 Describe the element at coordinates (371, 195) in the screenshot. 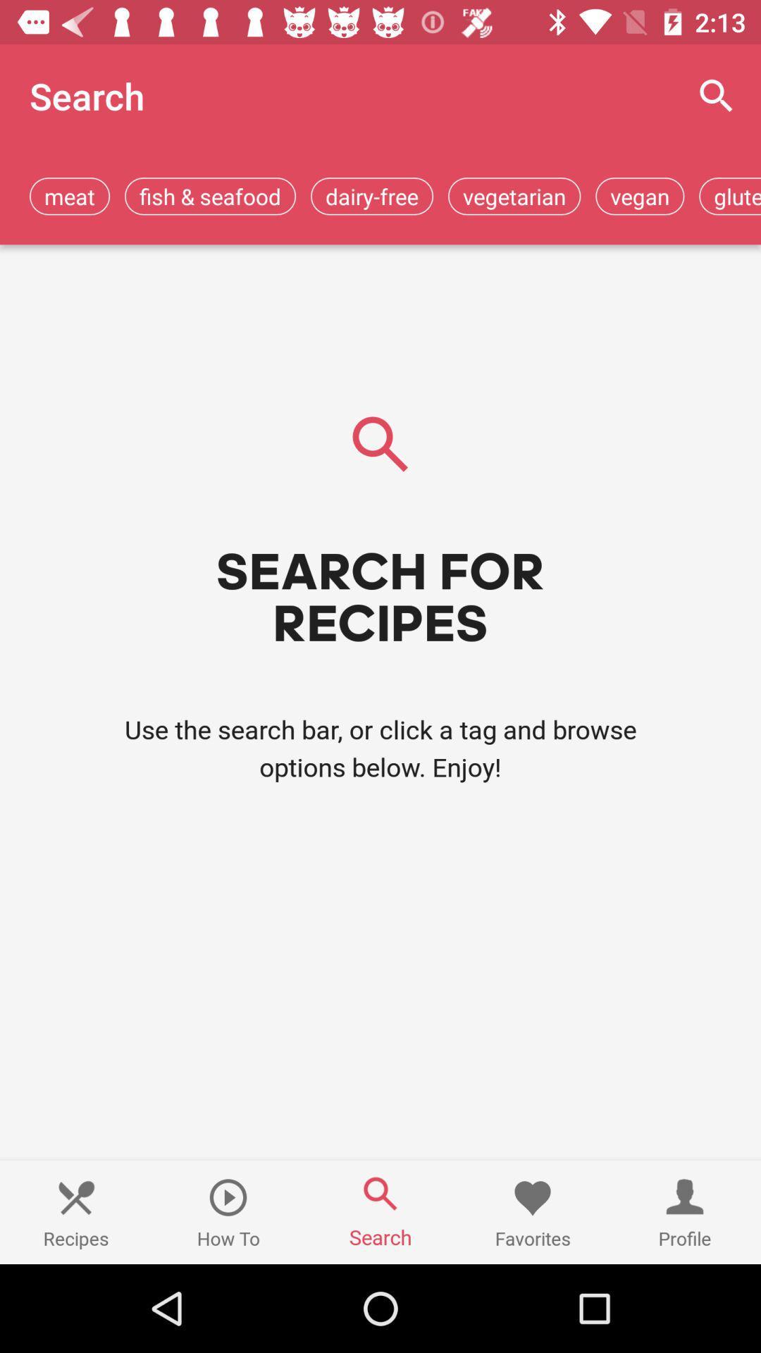

I see `the icon to the left of the vegetarian app` at that location.